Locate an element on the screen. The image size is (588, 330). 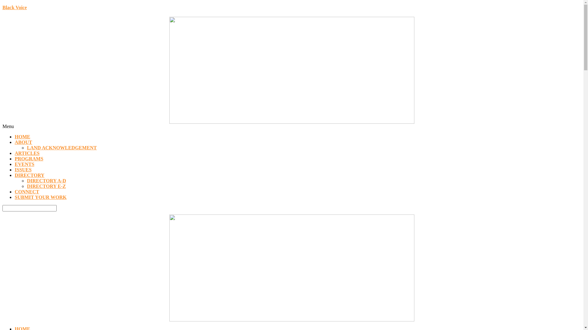
'ABOUT' is located at coordinates (23, 142).